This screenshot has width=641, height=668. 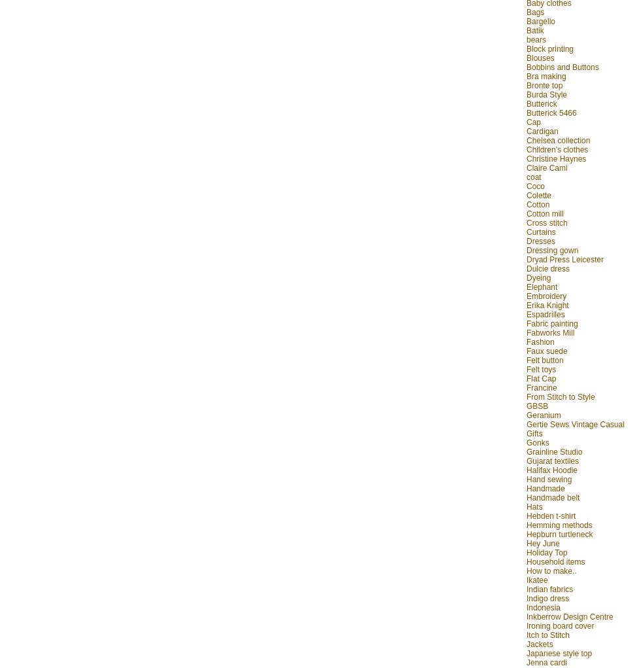 I want to click on 'Indigo dress', so click(x=547, y=597).